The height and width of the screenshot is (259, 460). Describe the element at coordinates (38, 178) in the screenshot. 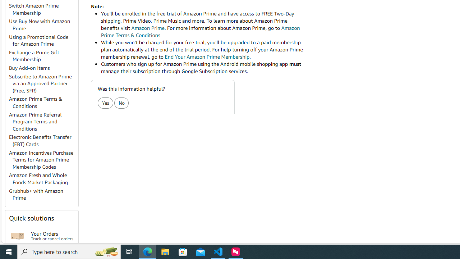

I see `'Amazon Fresh and Whole Foods Market Packaging'` at that location.